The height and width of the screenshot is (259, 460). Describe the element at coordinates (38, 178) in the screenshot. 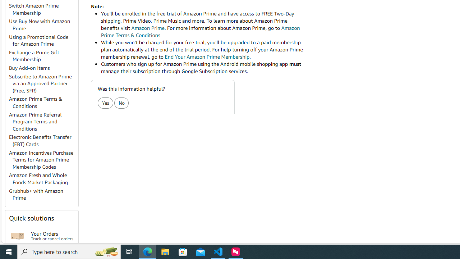

I see `'Amazon Fresh and Whole Foods Market Packaging'` at that location.